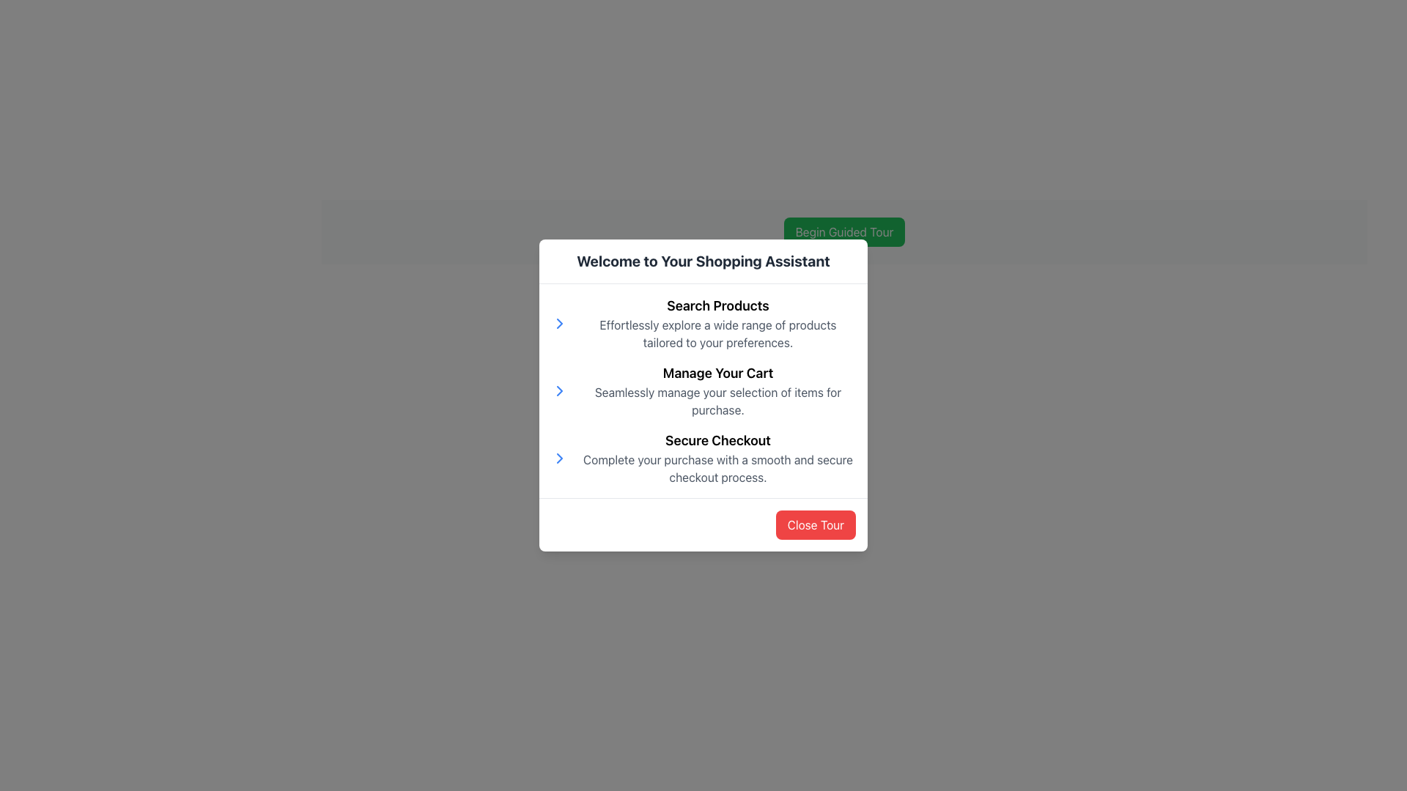 The height and width of the screenshot is (791, 1407). I want to click on the interactive button with a green background located at the top-right of the dialog box that initiates a guided tour, for accessibility navigation, so click(844, 231).